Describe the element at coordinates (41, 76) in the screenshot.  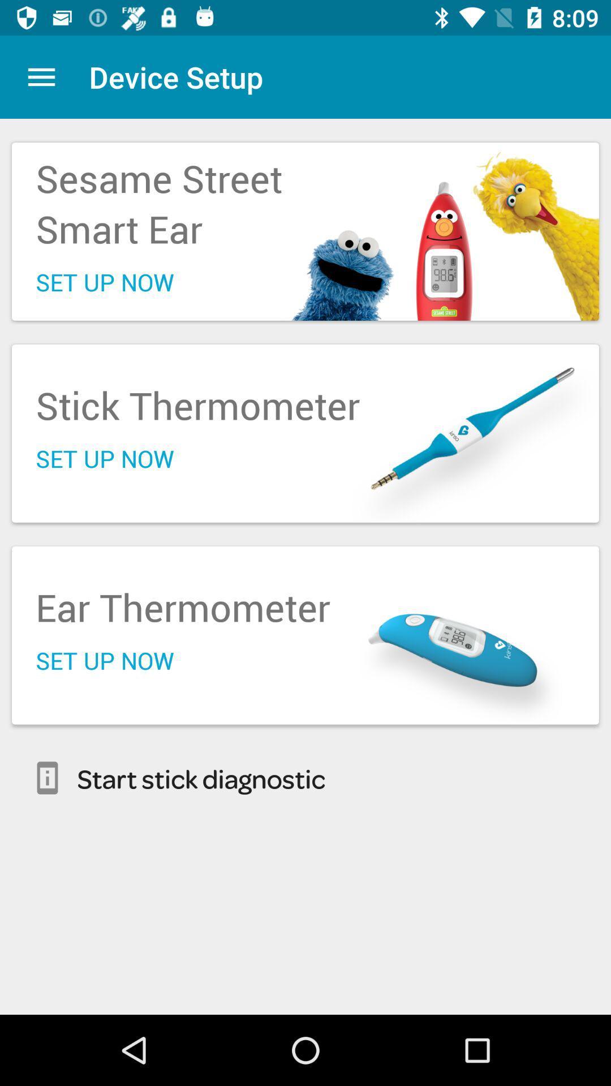
I see `the icon next to the device setup` at that location.